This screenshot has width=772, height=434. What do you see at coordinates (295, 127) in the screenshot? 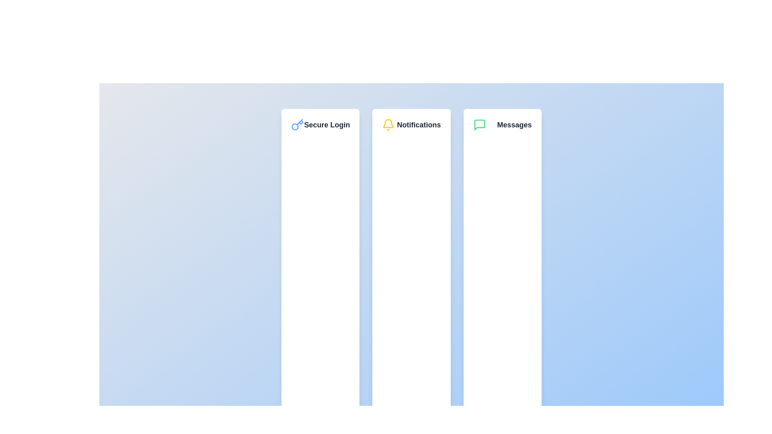
I see `the circular shape within the SVG graphic of the key icon` at bounding box center [295, 127].